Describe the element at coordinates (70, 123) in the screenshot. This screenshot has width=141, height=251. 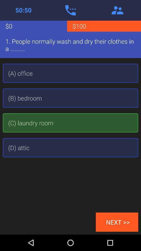
I see `the (c) laundry room icon` at that location.